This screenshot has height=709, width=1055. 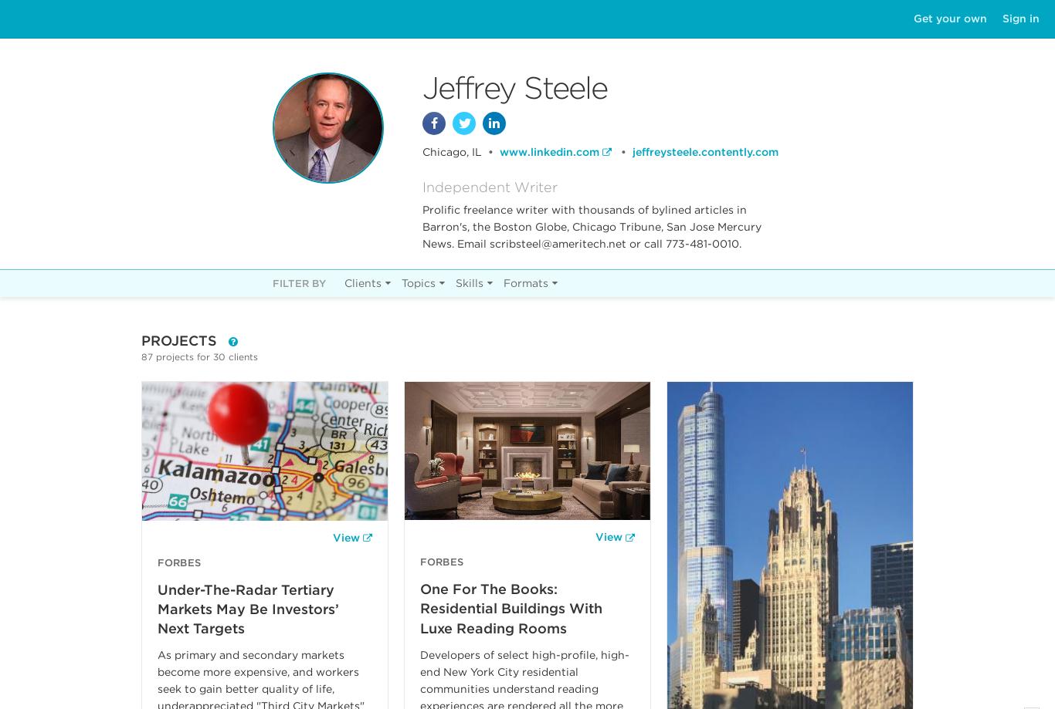 What do you see at coordinates (146, 356) in the screenshot?
I see `'87'` at bounding box center [146, 356].